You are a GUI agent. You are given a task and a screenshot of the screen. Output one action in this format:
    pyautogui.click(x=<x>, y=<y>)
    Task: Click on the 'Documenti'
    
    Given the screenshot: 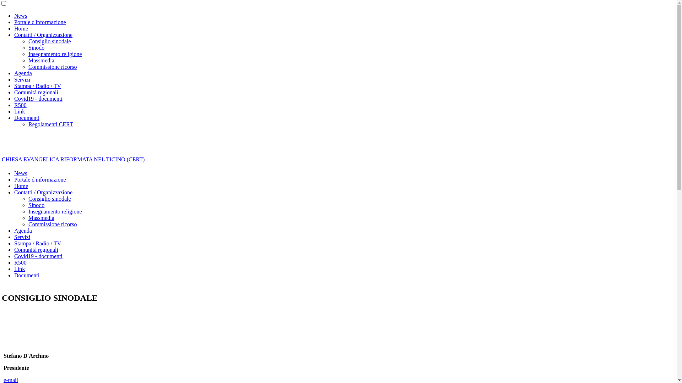 What is the action you would take?
    pyautogui.click(x=27, y=275)
    